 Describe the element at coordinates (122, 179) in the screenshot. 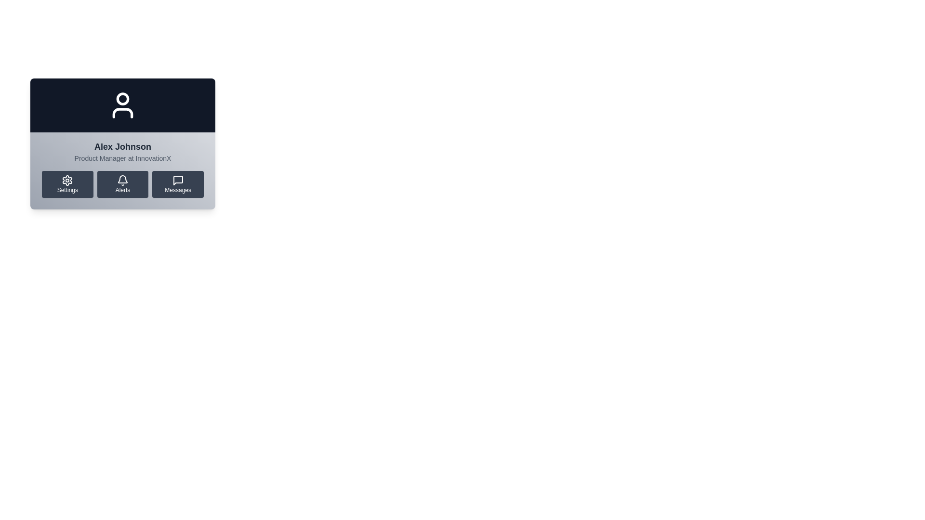

I see `the bell icon representing alerts or notifications, which is part of the 'Alerts' button located between 'Settings' and 'Messages' buttons` at that location.